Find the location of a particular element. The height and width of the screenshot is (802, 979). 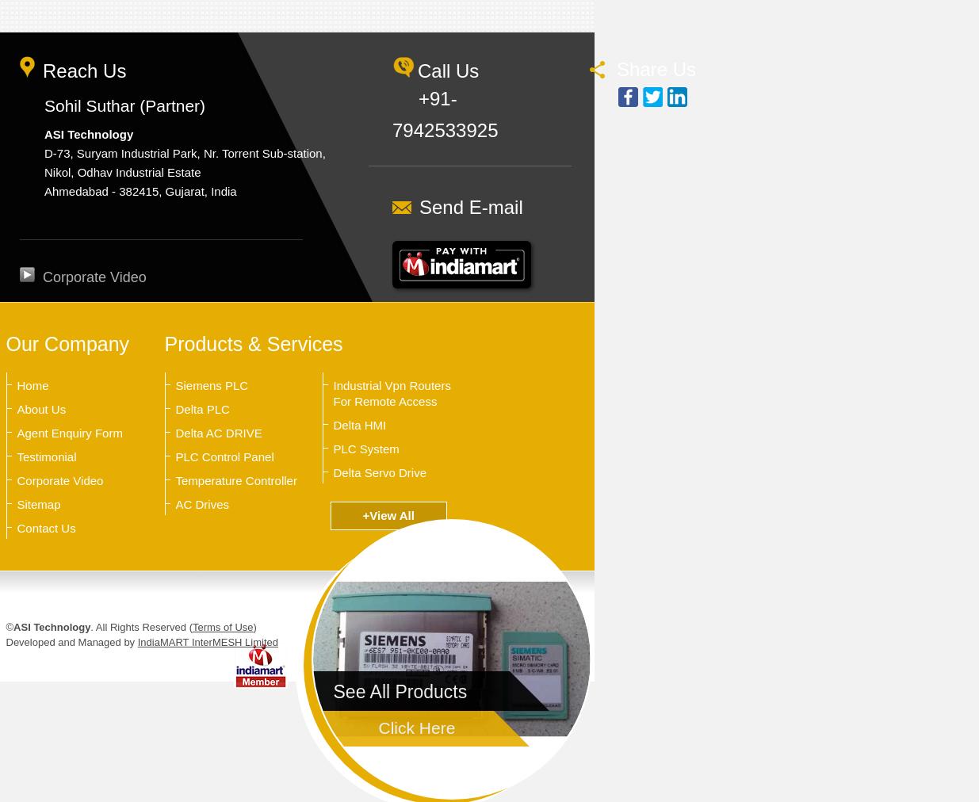

'Click Here' is located at coordinates (415, 728).